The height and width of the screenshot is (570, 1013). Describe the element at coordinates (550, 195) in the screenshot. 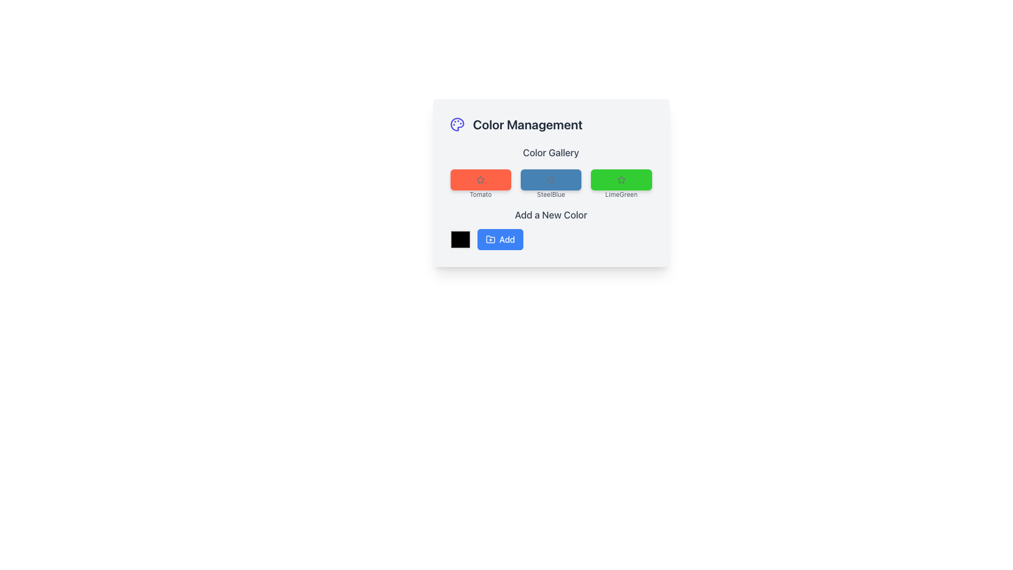

I see `the text label displaying 'SteelBlue' in gray, located below the blue-colored button labeled 'SteelBlue' in the color gallery interface` at that location.